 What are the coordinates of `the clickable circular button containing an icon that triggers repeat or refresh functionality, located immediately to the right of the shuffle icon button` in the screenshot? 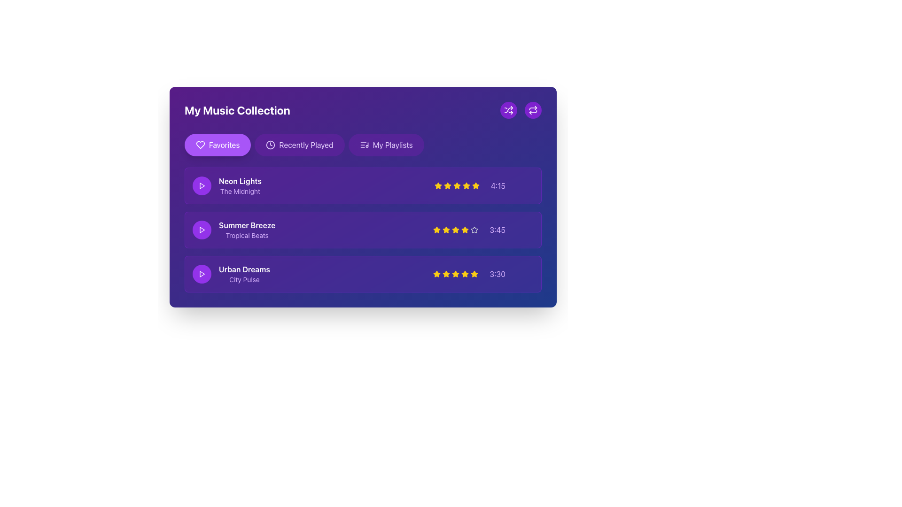 It's located at (533, 110).